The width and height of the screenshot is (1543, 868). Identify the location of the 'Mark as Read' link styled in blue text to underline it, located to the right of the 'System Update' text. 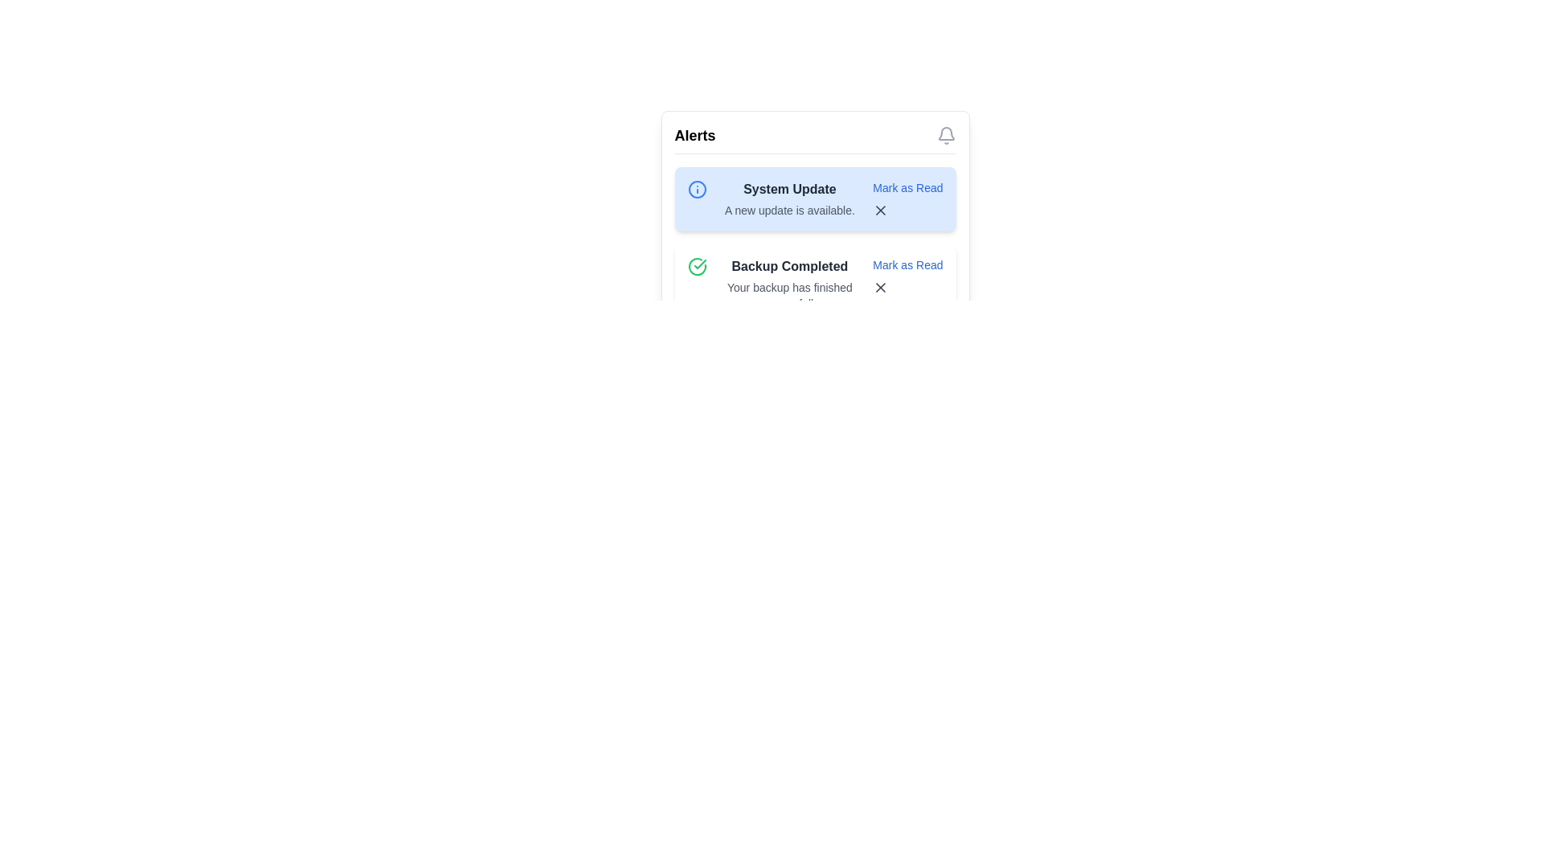
(907, 187).